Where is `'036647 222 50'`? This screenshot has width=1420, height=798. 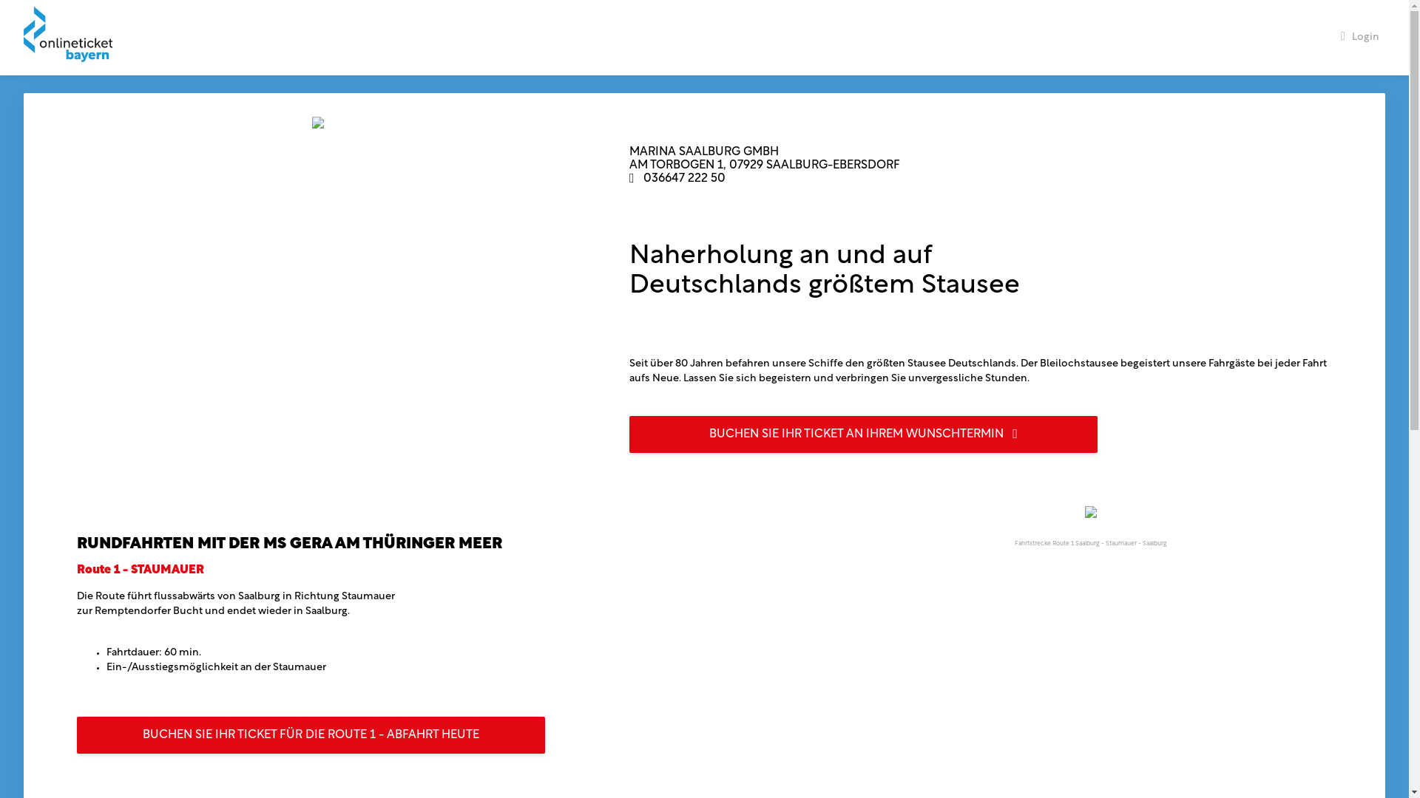 '036647 222 50' is located at coordinates (683, 178).